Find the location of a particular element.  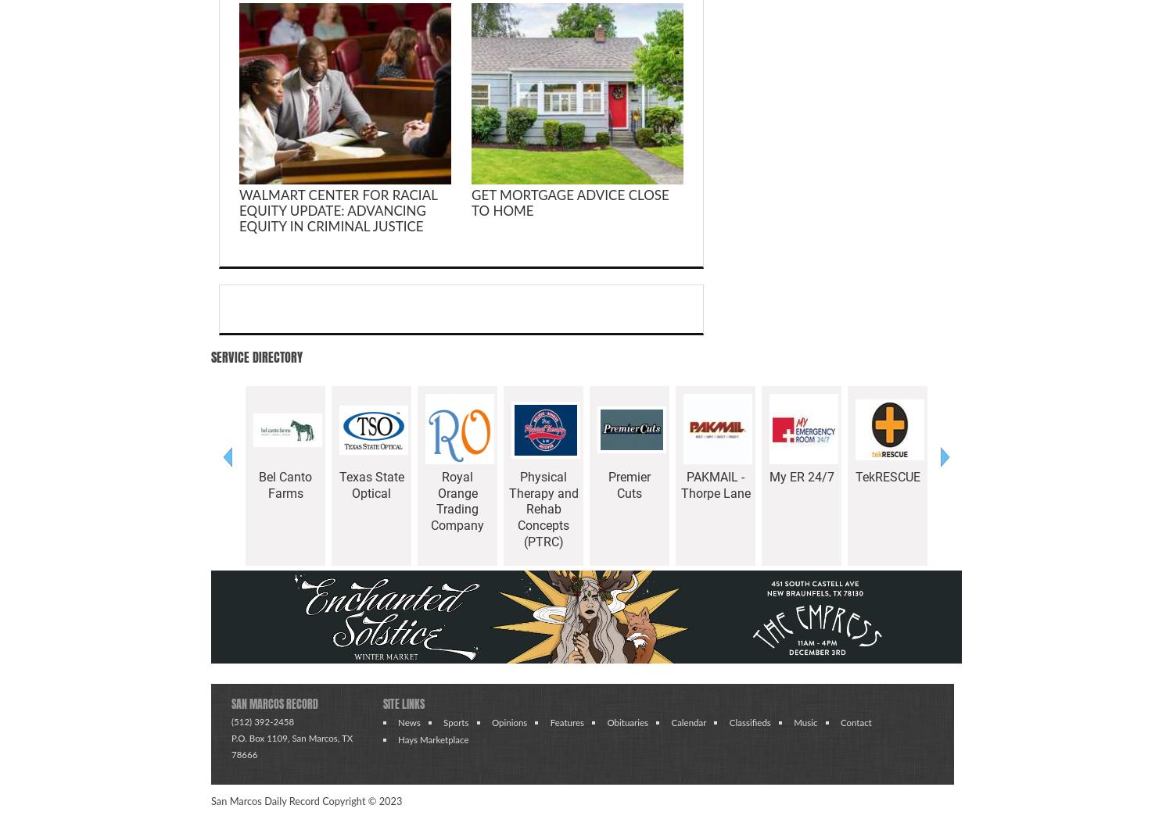

'TekRESCUE' is located at coordinates (887, 476).